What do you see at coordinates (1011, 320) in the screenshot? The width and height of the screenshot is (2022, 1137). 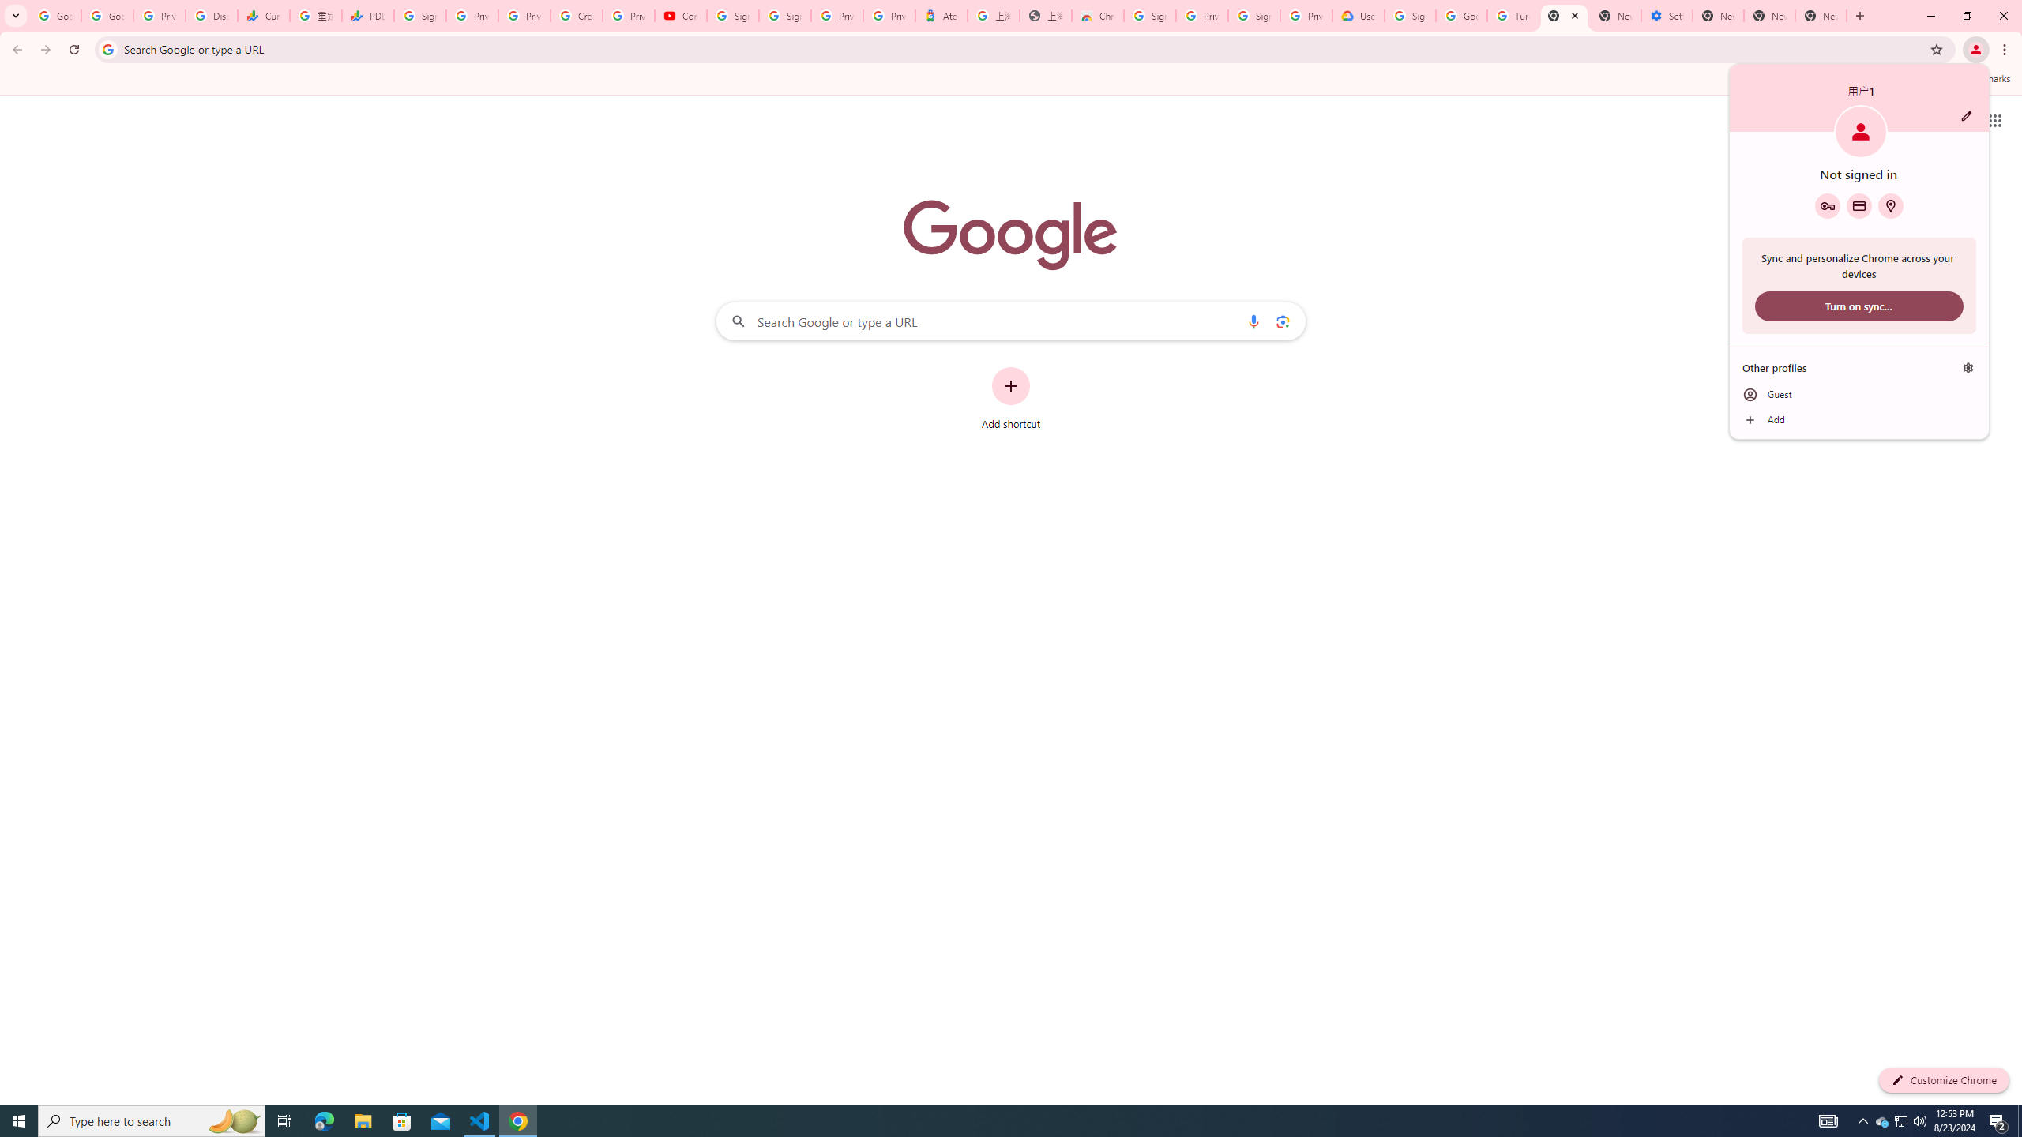 I see `'Search Google or type a URL'` at bounding box center [1011, 320].